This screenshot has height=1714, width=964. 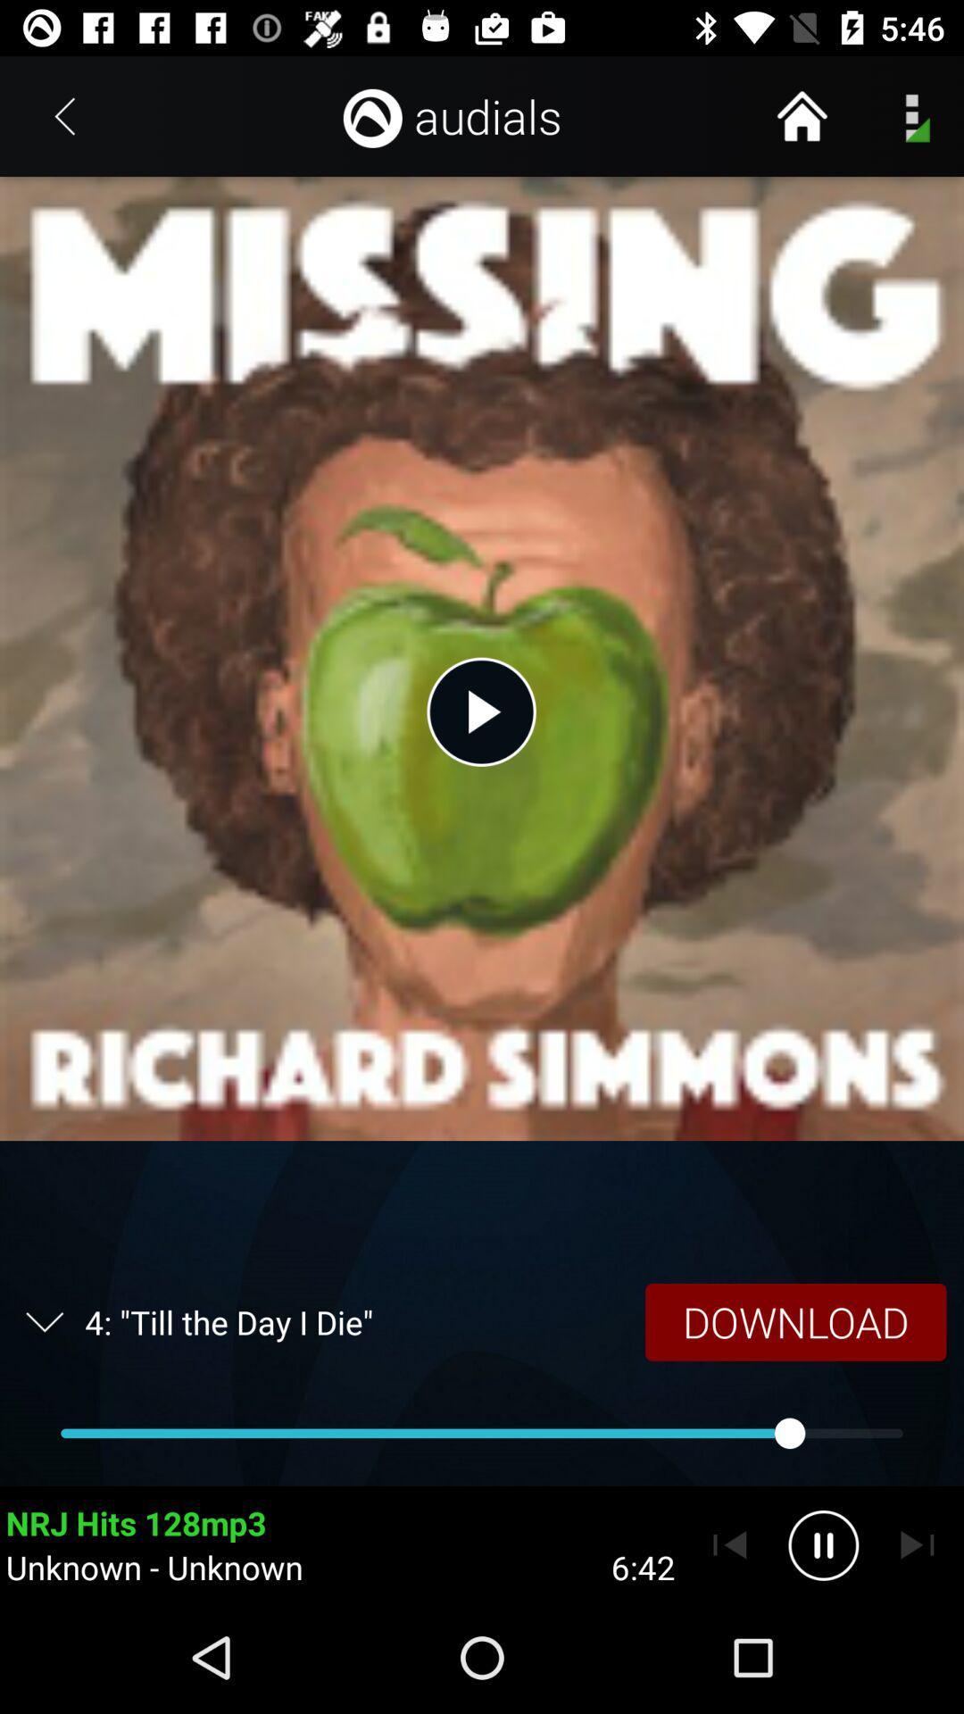 I want to click on fast forward, so click(x=917, y=1544).